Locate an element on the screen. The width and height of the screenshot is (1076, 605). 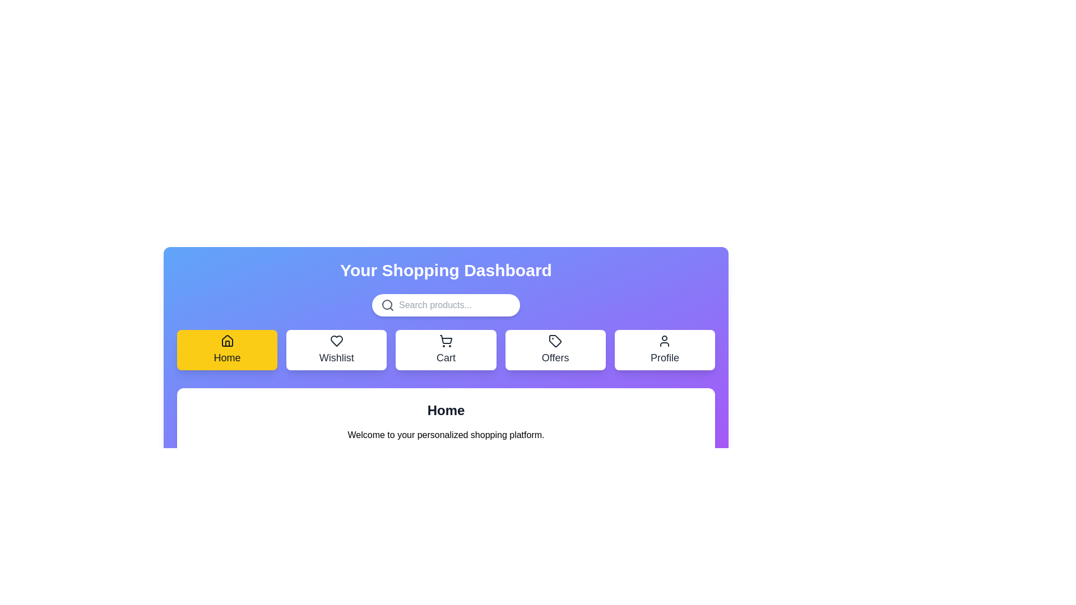
the 'Offers' icon located in the fourth position of the horizontal navigation bar on the shopping dashboard interface is located at coordinates (555, 341).